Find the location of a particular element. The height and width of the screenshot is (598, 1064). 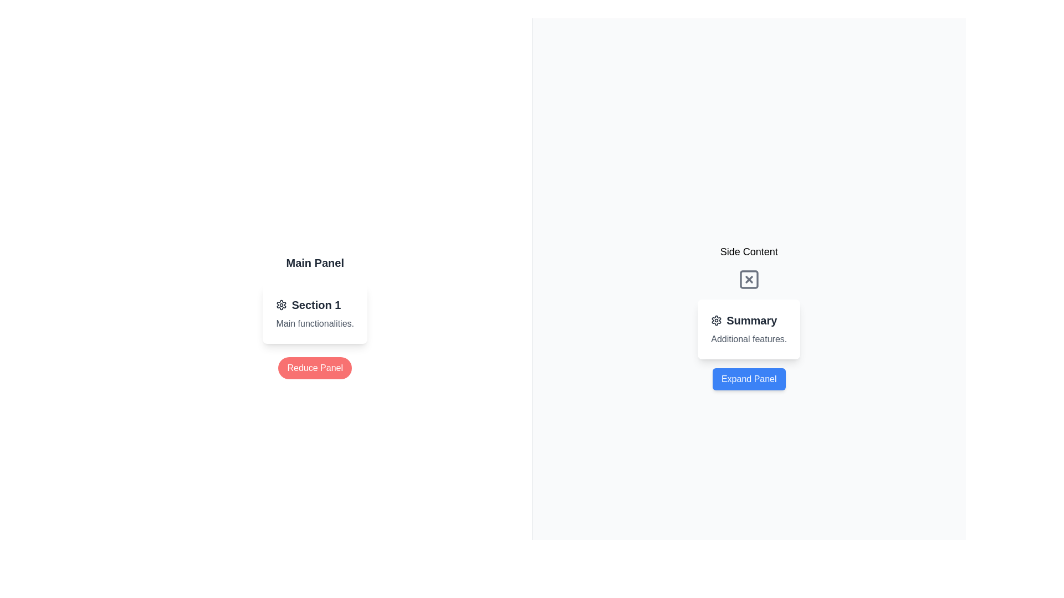

the gear-shaped icon on the left side of the 'Summary' section is located at coordinates (717, 320).